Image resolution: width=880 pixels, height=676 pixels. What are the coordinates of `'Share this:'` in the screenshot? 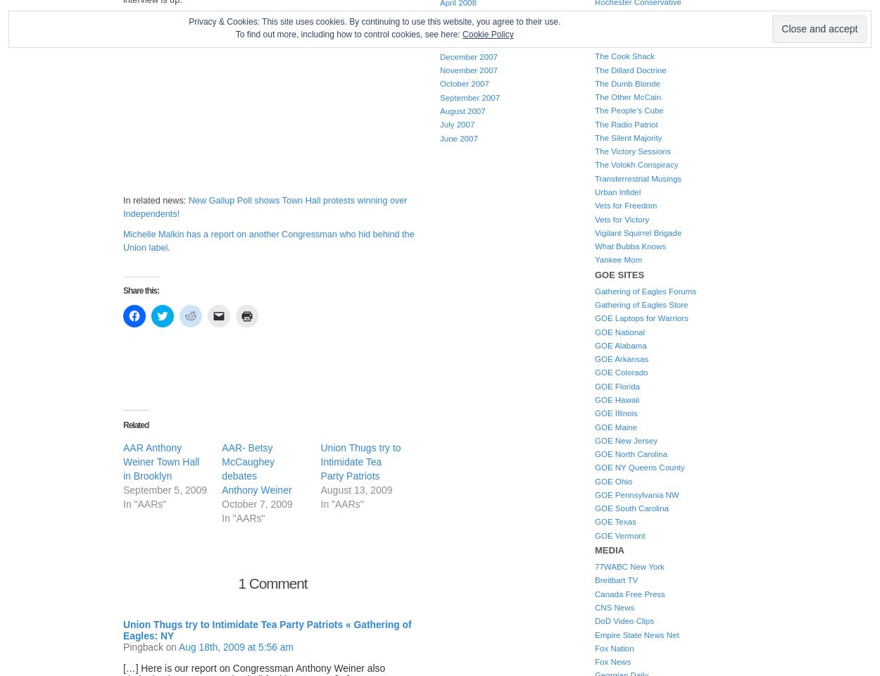 It's located at (140, 289).